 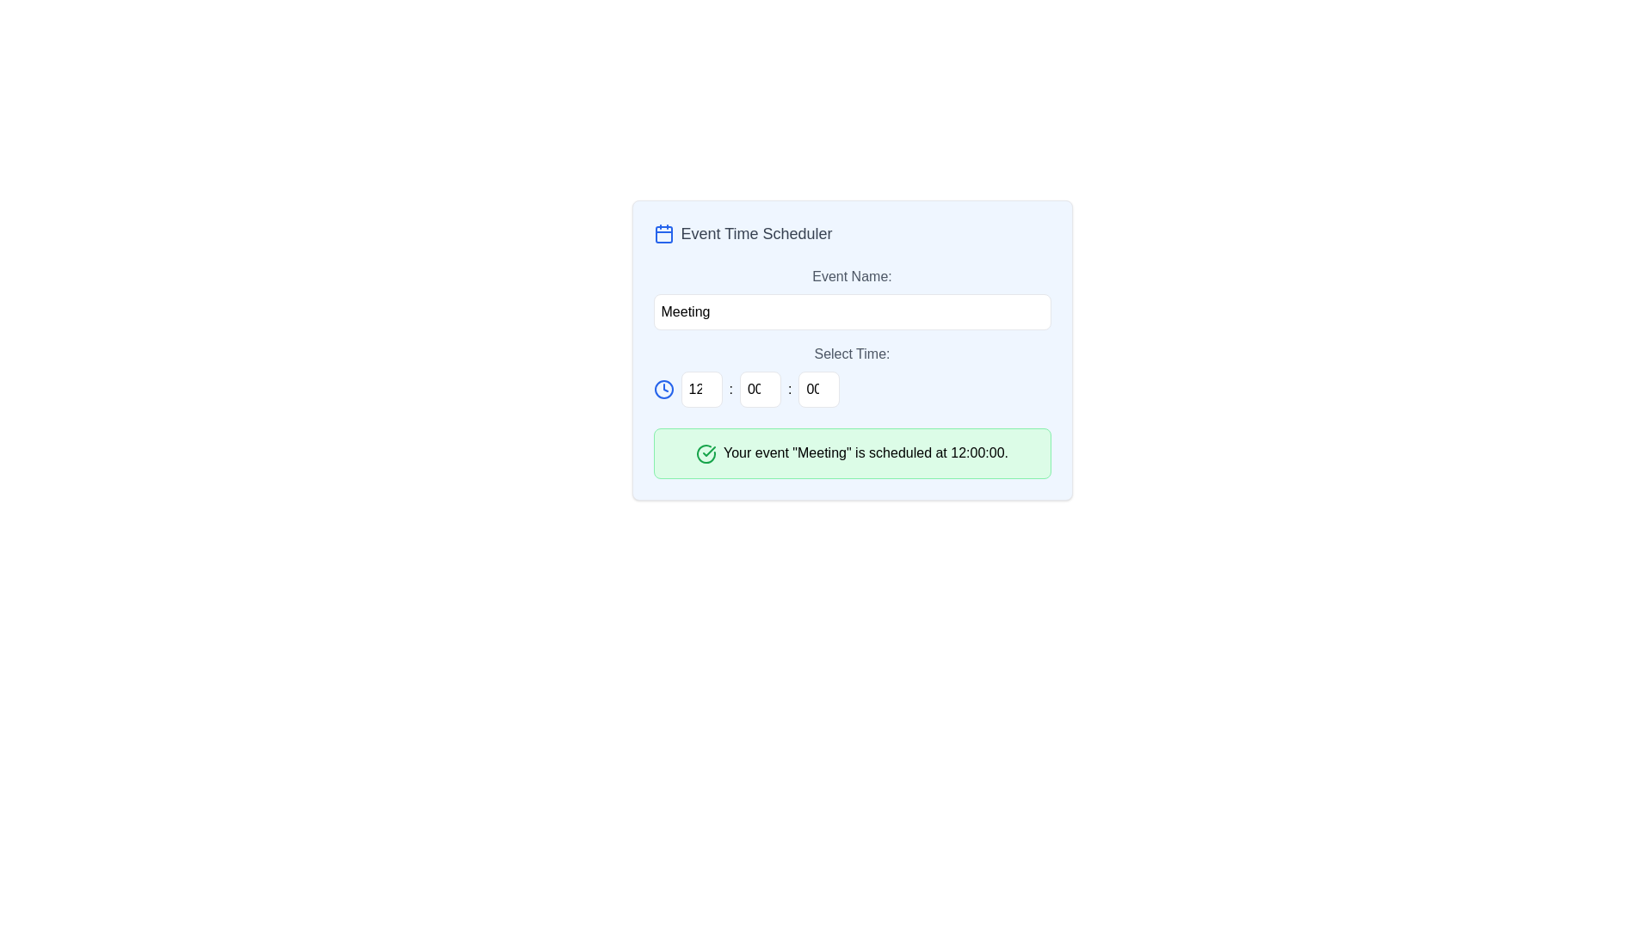 What do you see at coordinates (706, 452) in the screenshot?
I see `the success confirmation icon located within the notification box below the event details section` at bounding box center [706, 452].